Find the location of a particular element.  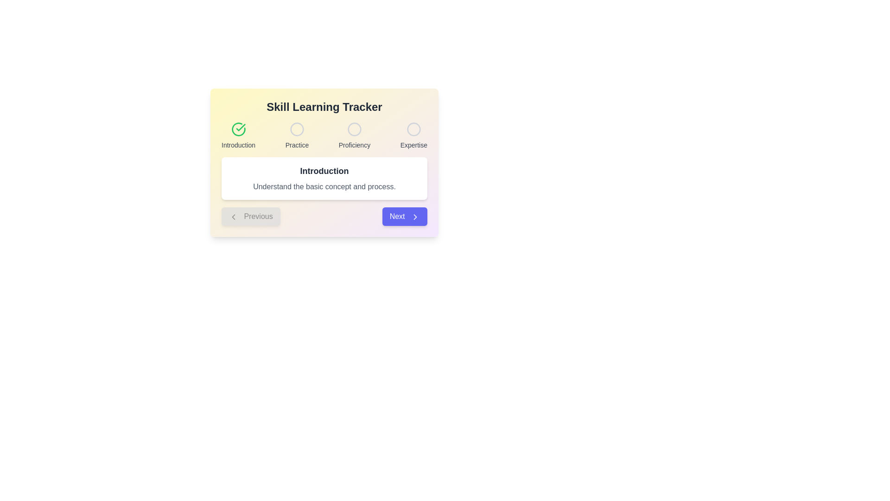

the unfilled circular icon in the 'Skill Learning Tracker' labeled 'Expertise', which represents an incomplete step in the progression is located at coordinates (413, 129).